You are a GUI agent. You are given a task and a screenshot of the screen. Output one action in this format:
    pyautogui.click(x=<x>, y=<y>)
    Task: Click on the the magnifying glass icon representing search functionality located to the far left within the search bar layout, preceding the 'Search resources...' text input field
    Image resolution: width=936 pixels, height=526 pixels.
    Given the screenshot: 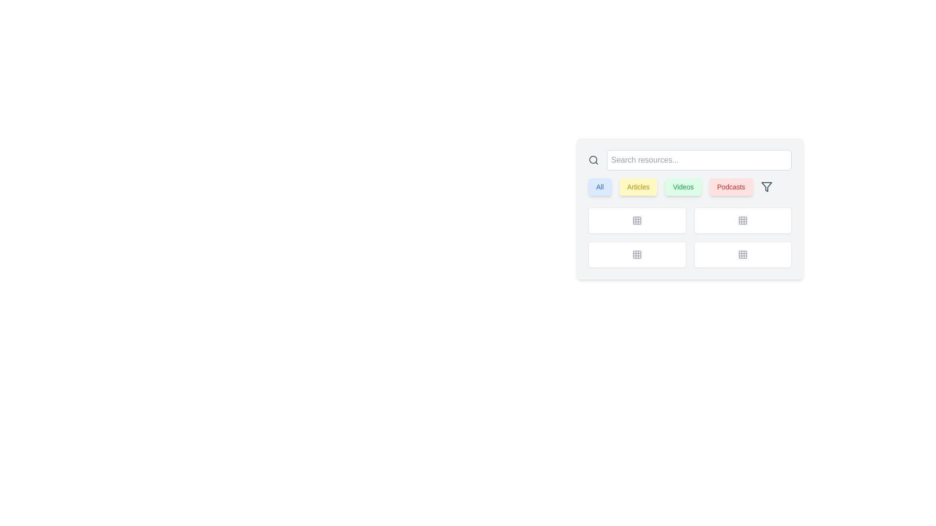 What is the action you would take?
    pyautogui.click(x=593, y=159)
    